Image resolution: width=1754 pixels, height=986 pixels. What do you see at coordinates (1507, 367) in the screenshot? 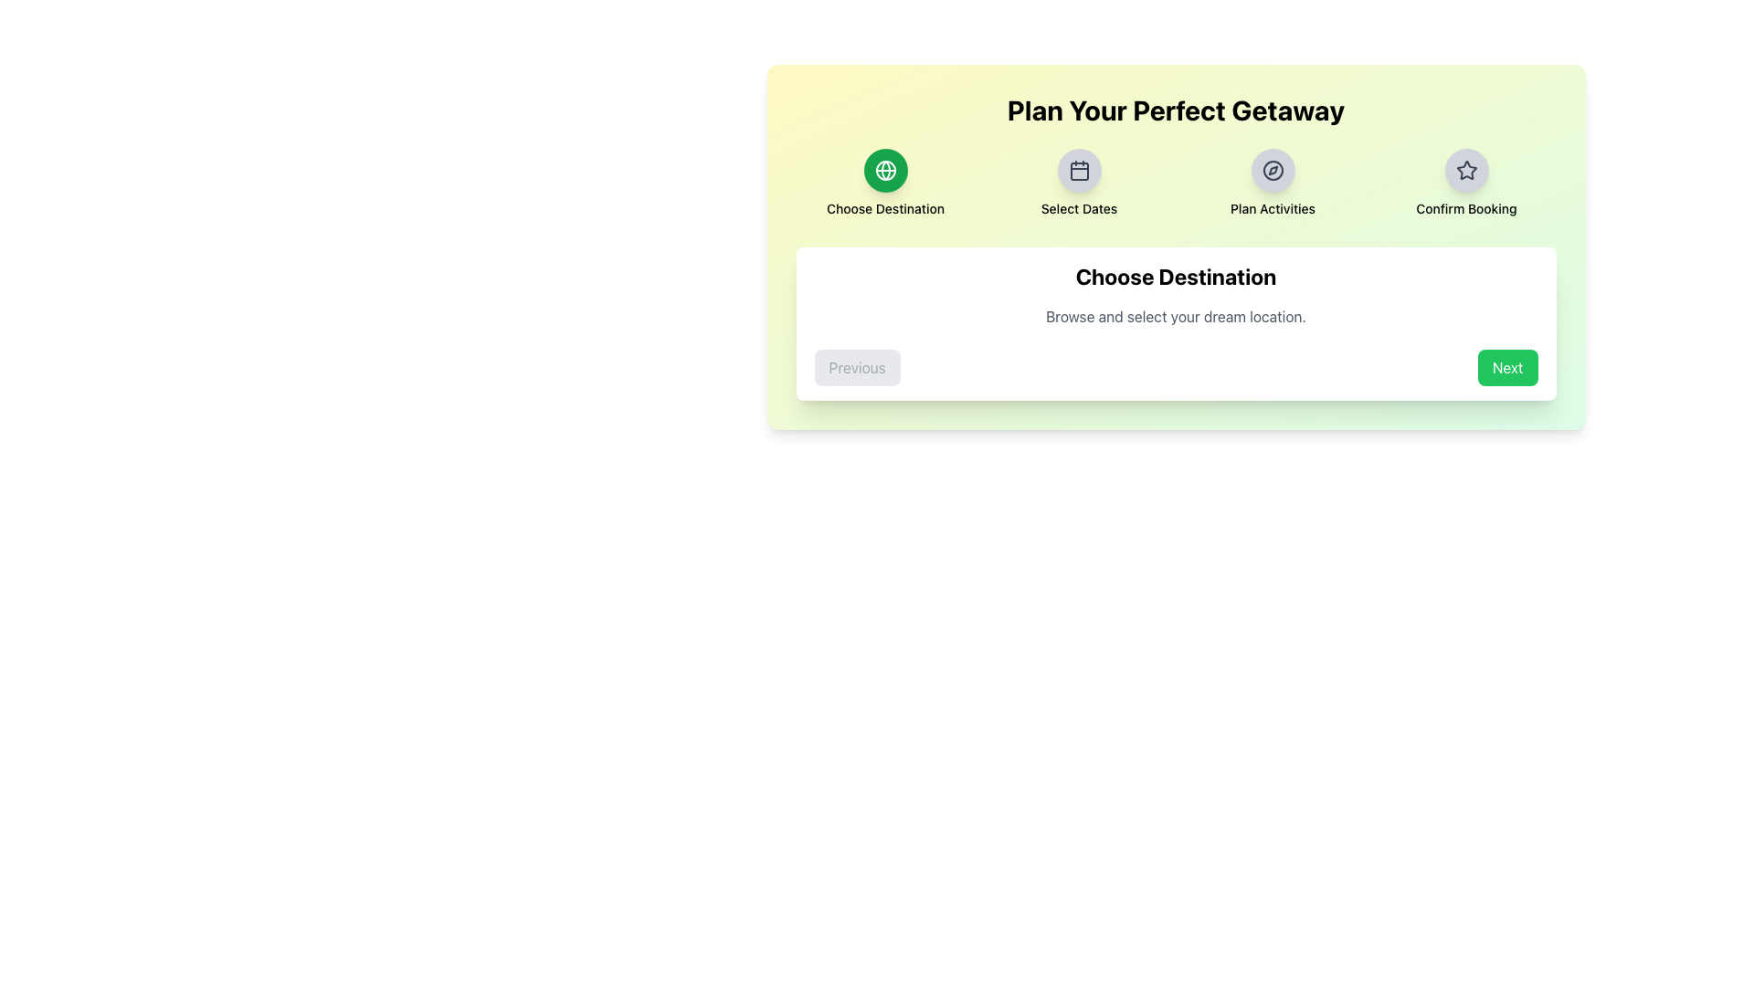
I see `the 'Next' button, which is the second button in a horizontal pair of navigation buttons, to proceed to the next step in the multi-step process` at bounding box center [1507, 367].